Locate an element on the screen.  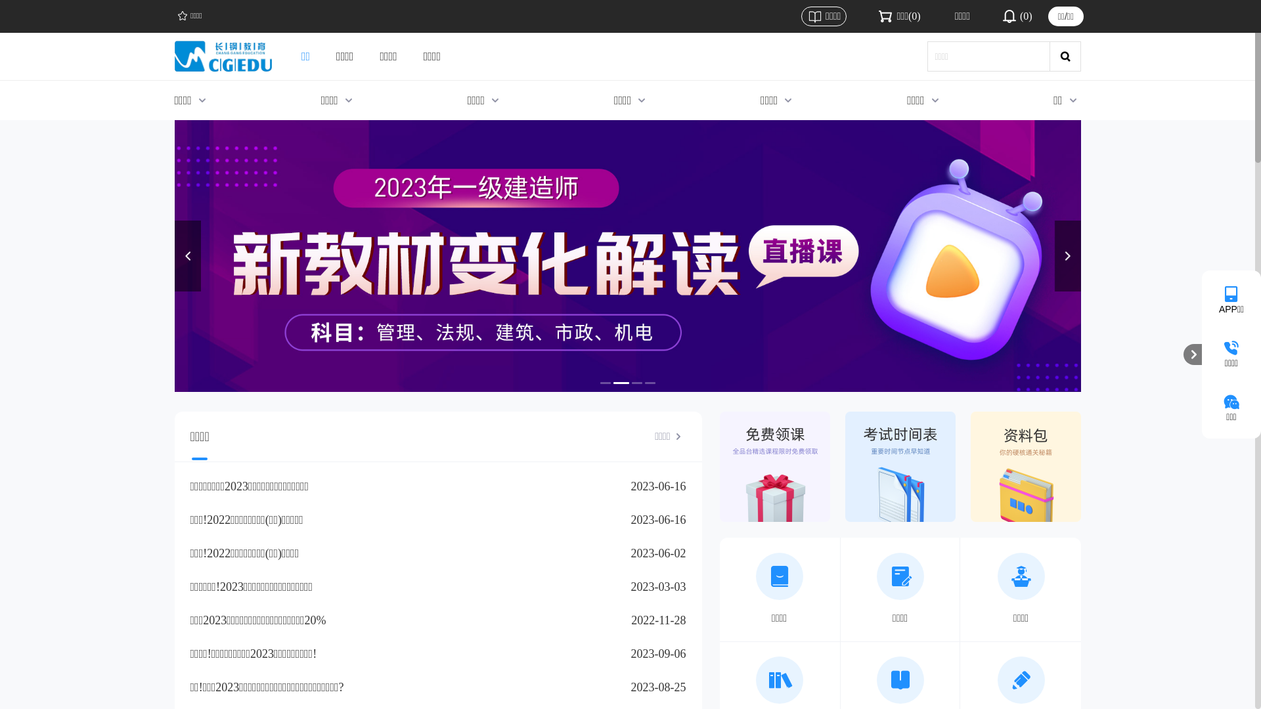
'4' is located at coordinates (644, 383).